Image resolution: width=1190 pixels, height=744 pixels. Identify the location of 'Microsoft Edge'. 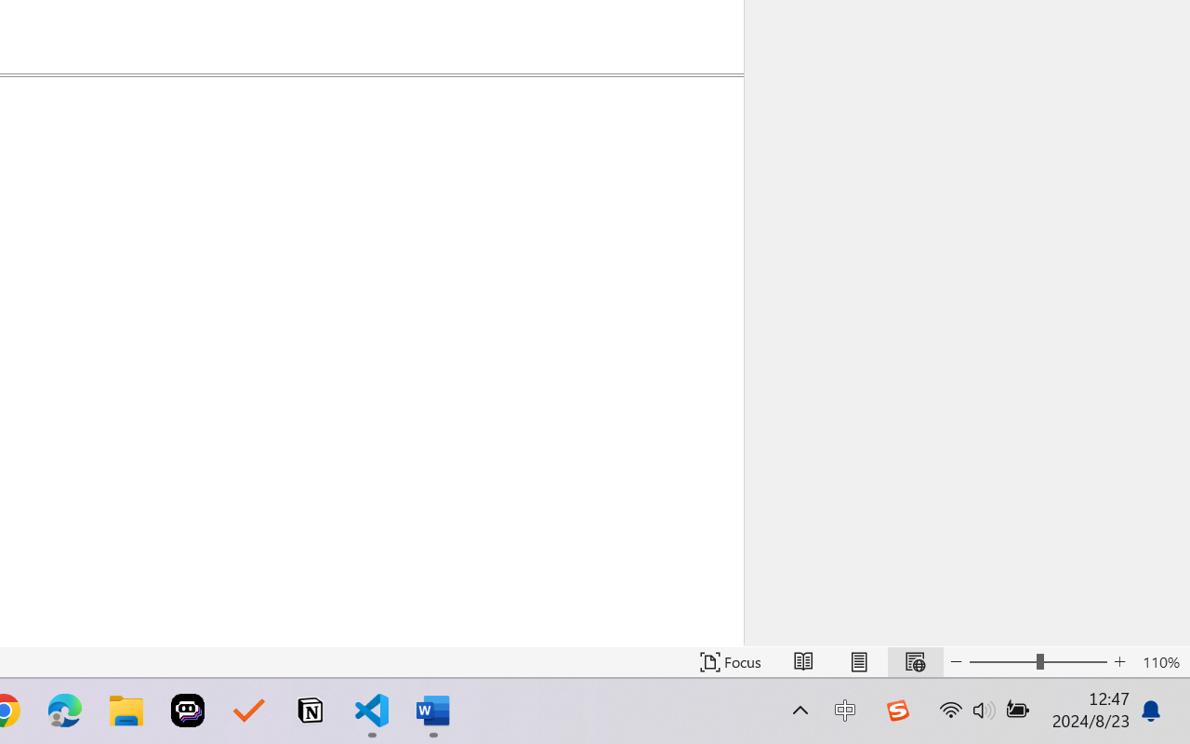
(64, 711).